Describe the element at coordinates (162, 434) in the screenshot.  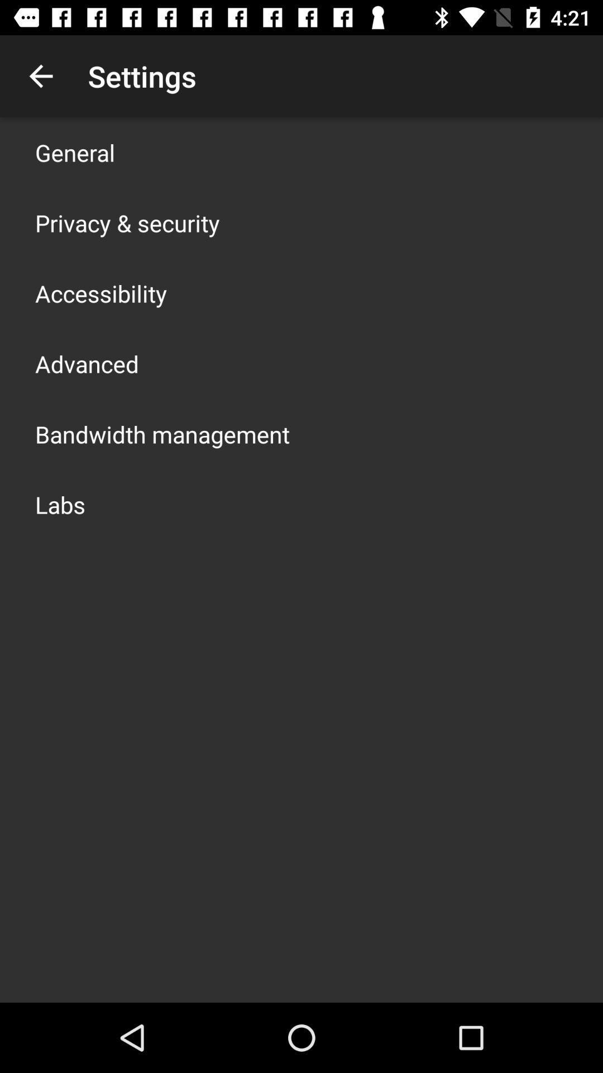
I see `bandwidth management` at that location.